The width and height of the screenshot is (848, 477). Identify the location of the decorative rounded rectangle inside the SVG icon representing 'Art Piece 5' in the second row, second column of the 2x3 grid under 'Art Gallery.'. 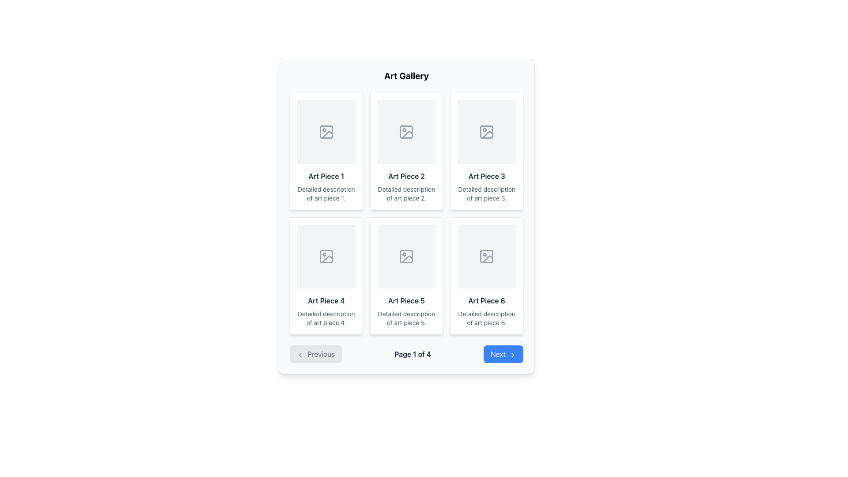
(406, 257).